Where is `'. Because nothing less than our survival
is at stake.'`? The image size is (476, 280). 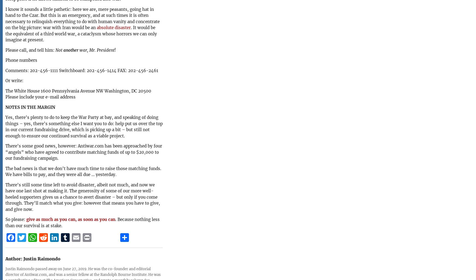 '. Because nothing less than our survival
is at stake.' is located at coordinates (82, 222).